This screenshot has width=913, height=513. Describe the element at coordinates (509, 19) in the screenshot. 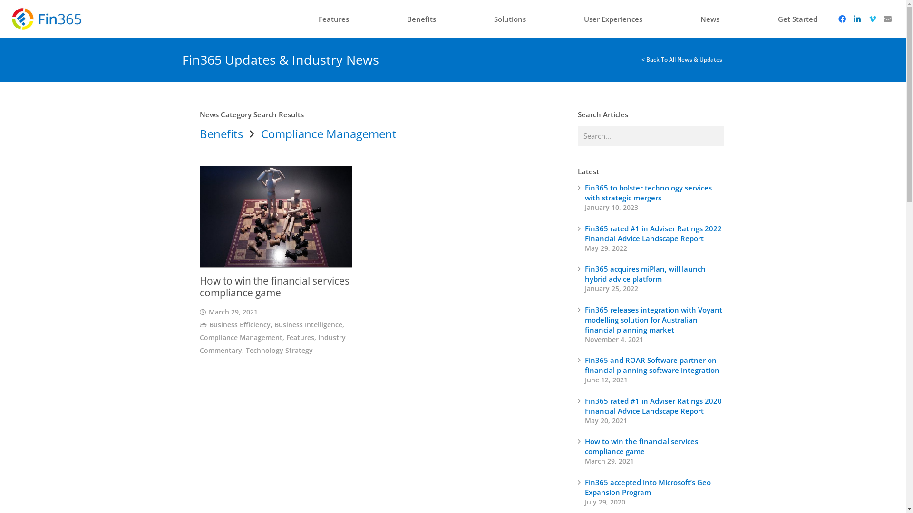

I see `'Solutions'` at that location.